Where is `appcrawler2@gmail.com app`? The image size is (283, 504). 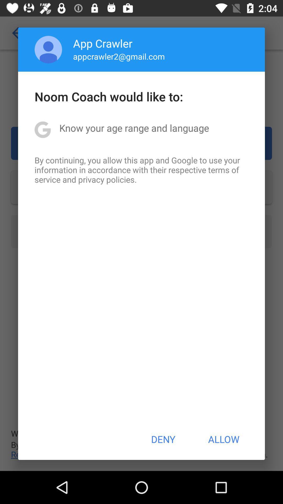 appcrawler2@gmail.com app is located at coordinates (119, 56).